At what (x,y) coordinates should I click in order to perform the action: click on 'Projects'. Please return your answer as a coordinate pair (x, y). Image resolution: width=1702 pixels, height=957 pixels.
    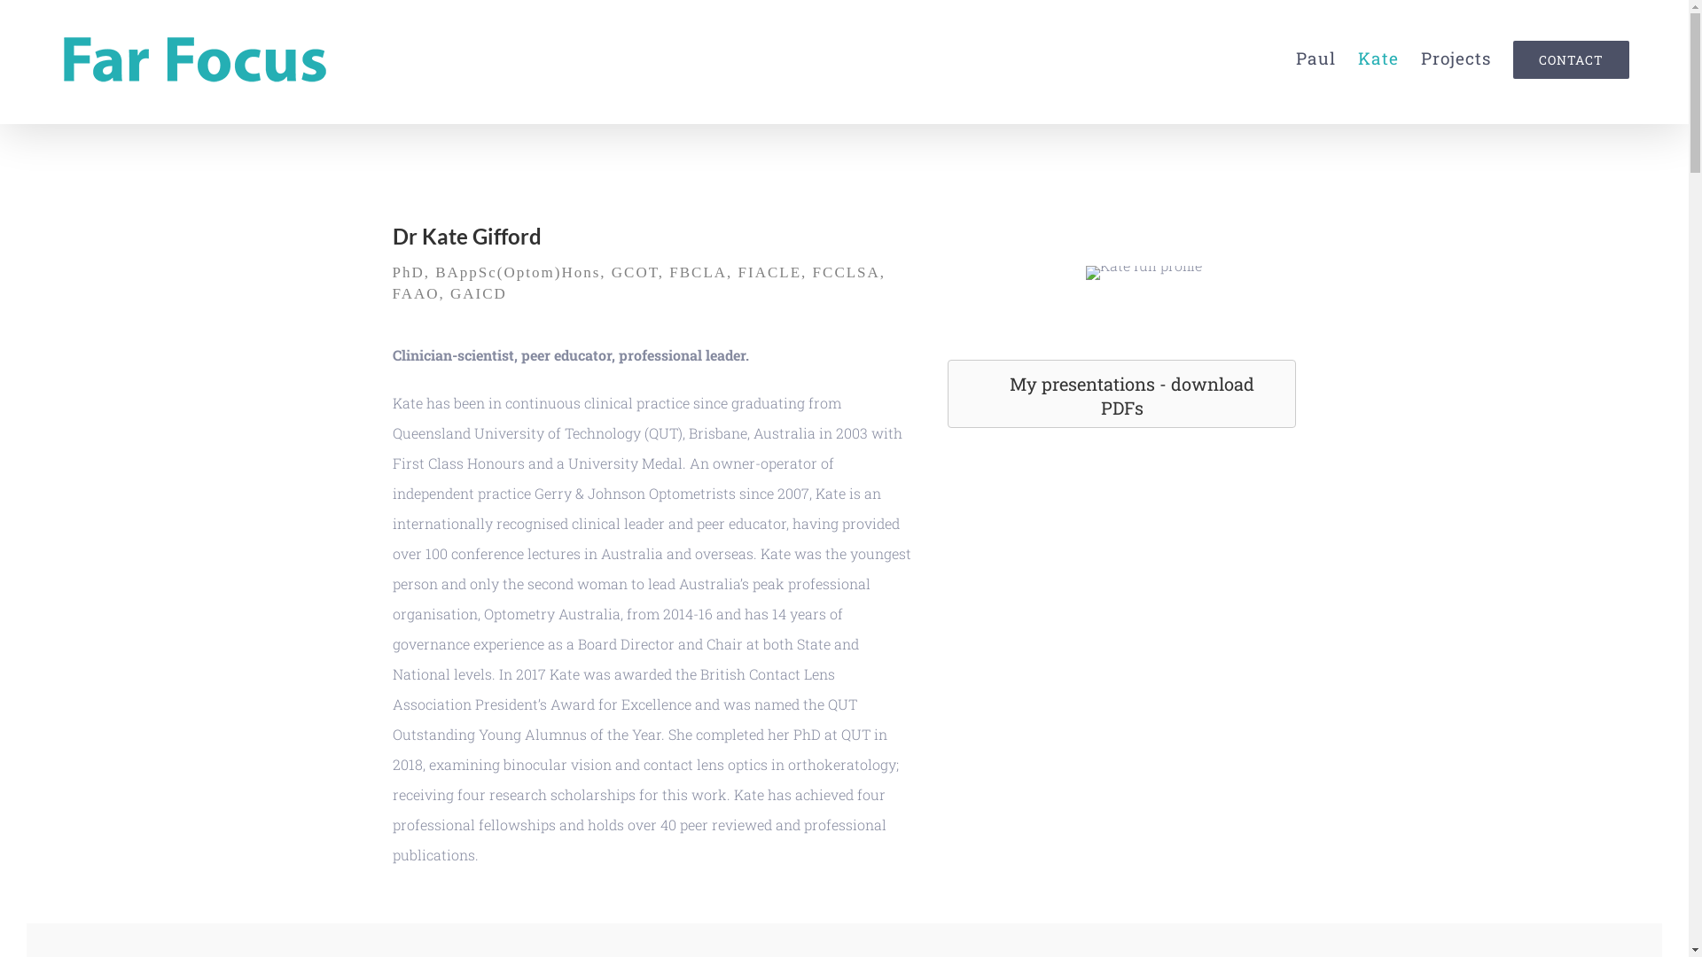
    Looking at the image, I should click on (1421, 57).